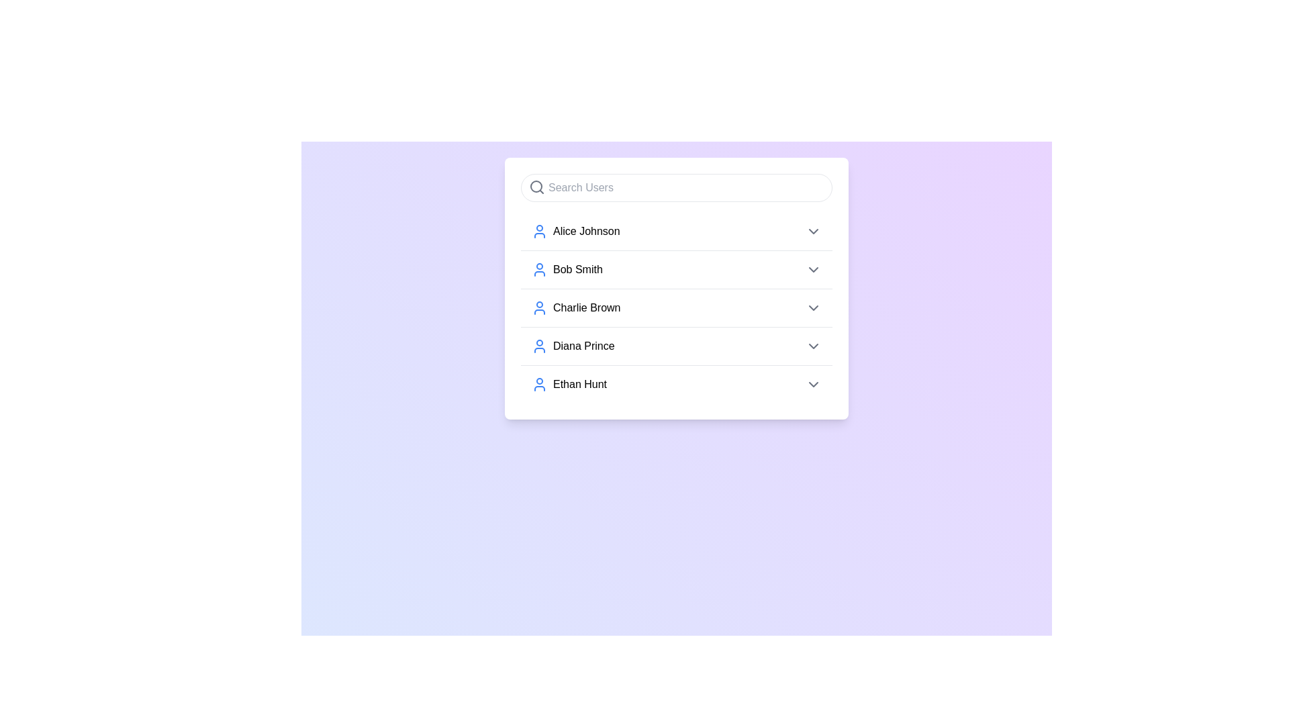 This screenshot has height=725, width=1289. What do you see at coordinates (677, 384) in the screenshot?
I see `the selectable list item for user 'Ethan Hunt' located at the fifth position in the vertical list, between 'Diana Prince' and the subsequent elements` at bounding box center [677, 384].